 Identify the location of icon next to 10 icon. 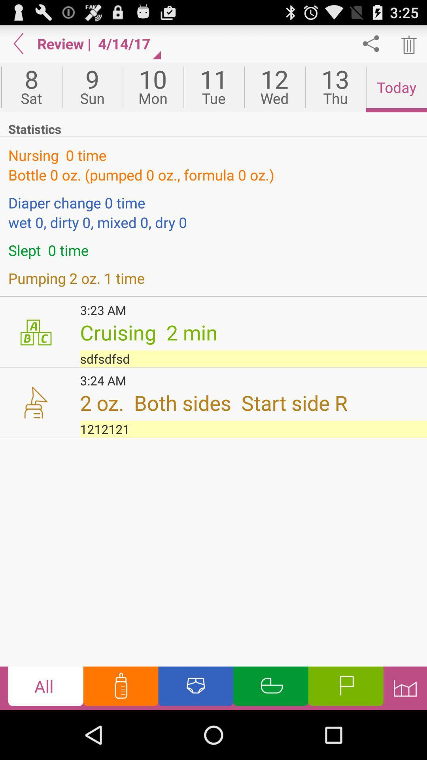
(214, 87).